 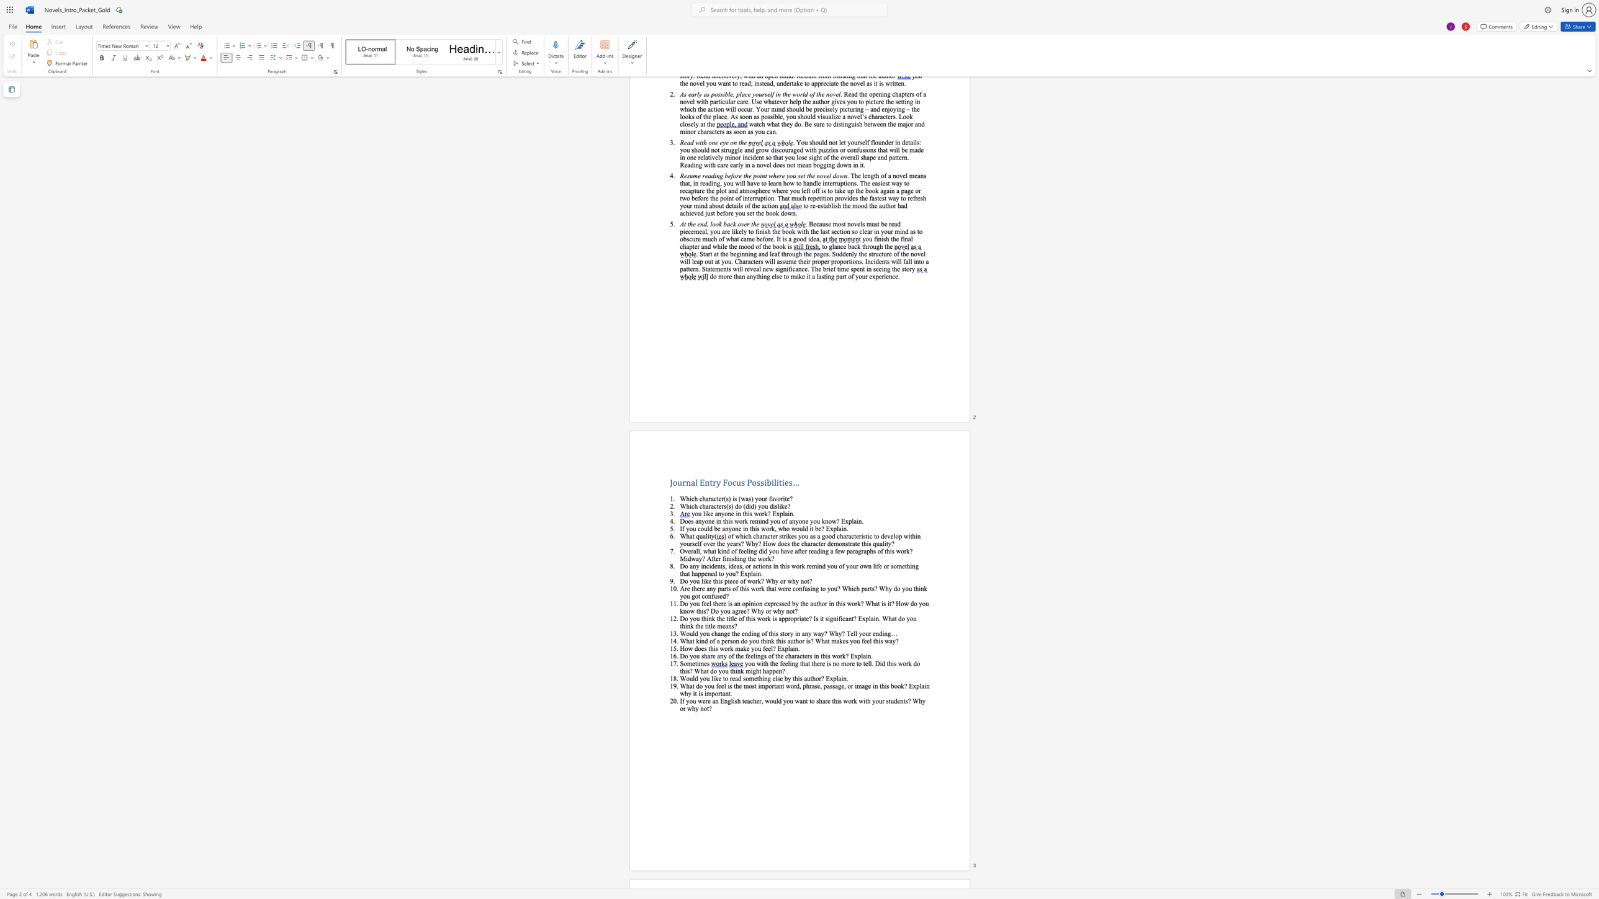 I want to click on the subset text "could be anyone in th" within the text "If you could be anyone in this work, who would it be? Explain.", so click(x=697, y=528).